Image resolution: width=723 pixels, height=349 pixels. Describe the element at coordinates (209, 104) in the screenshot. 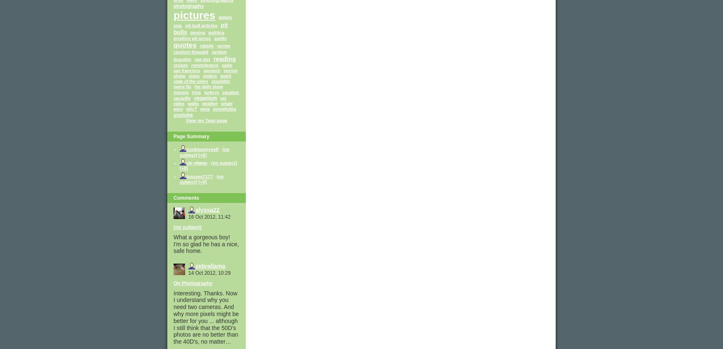

I see `'weather'` at that location.